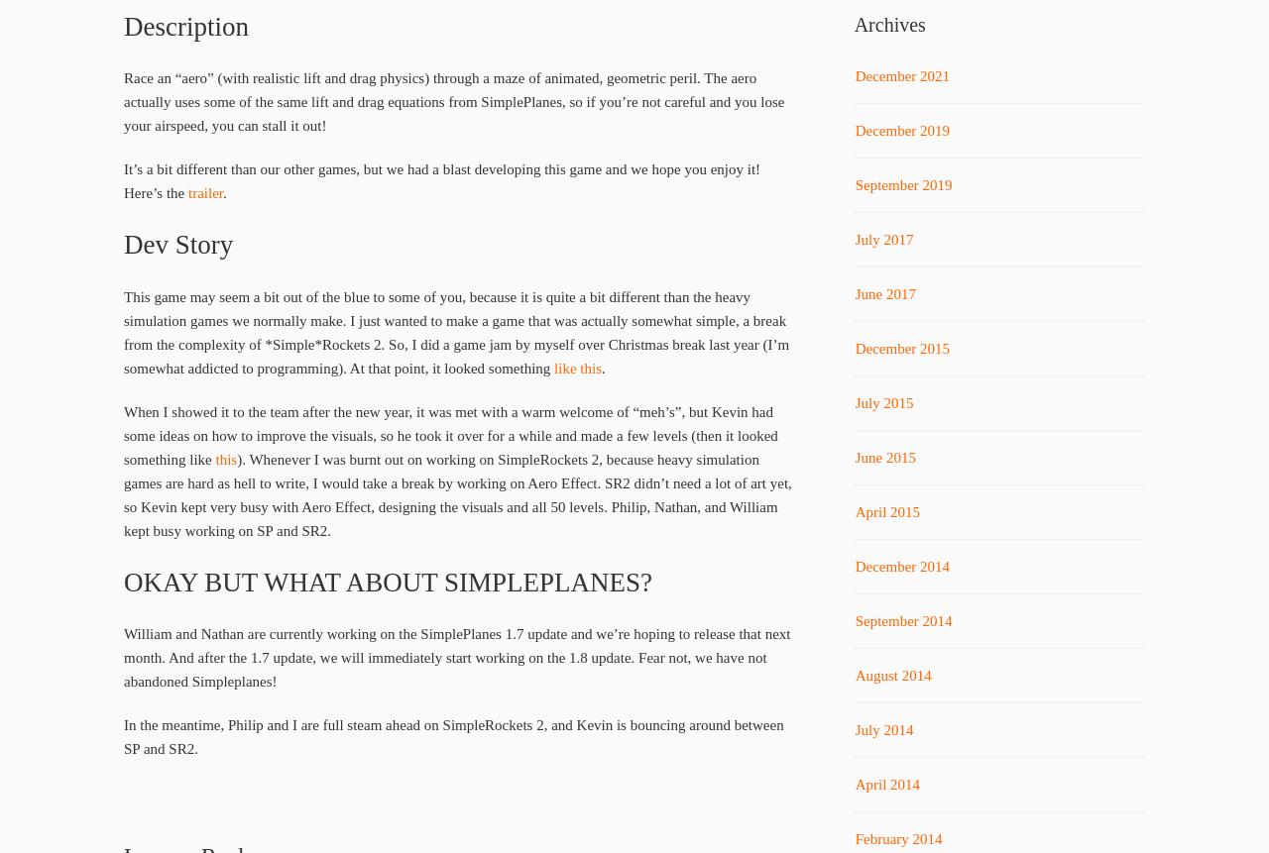 This screenshot has height=853, width=1269. Describe the element at coordinates (577, 368) in the screenshot. I see `'like this'` at that location.